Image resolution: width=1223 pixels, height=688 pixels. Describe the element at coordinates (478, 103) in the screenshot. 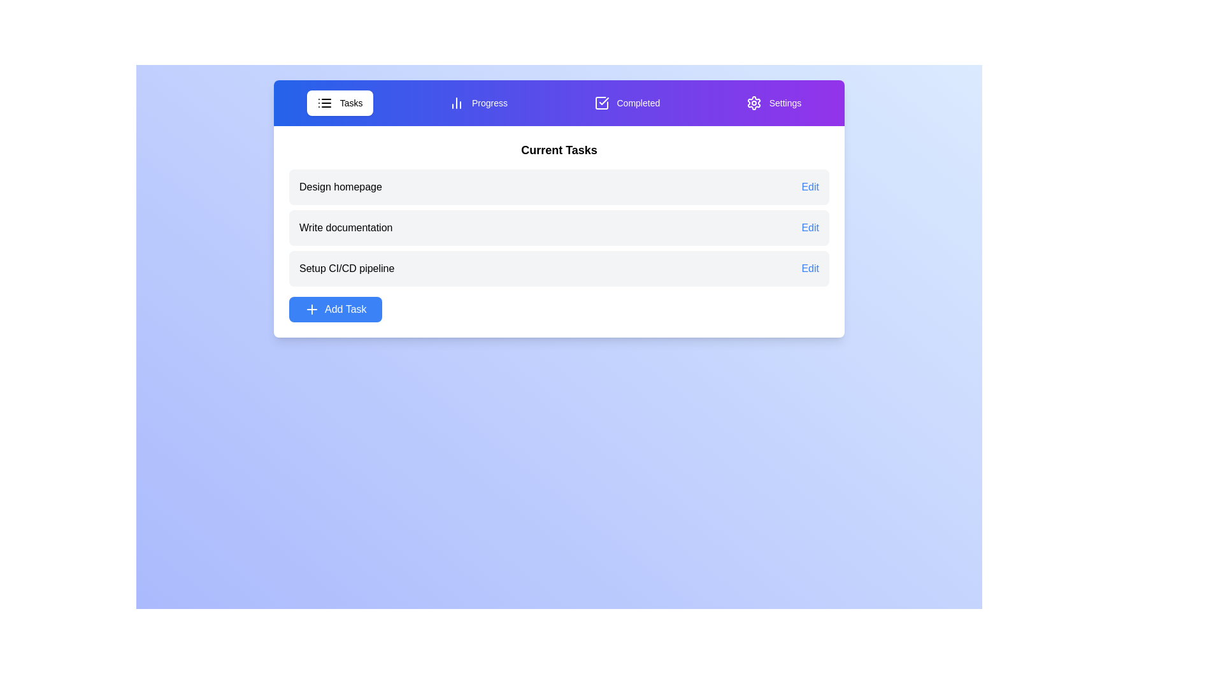

I see `the 'Progress' button in the top navigation bar` at that location.